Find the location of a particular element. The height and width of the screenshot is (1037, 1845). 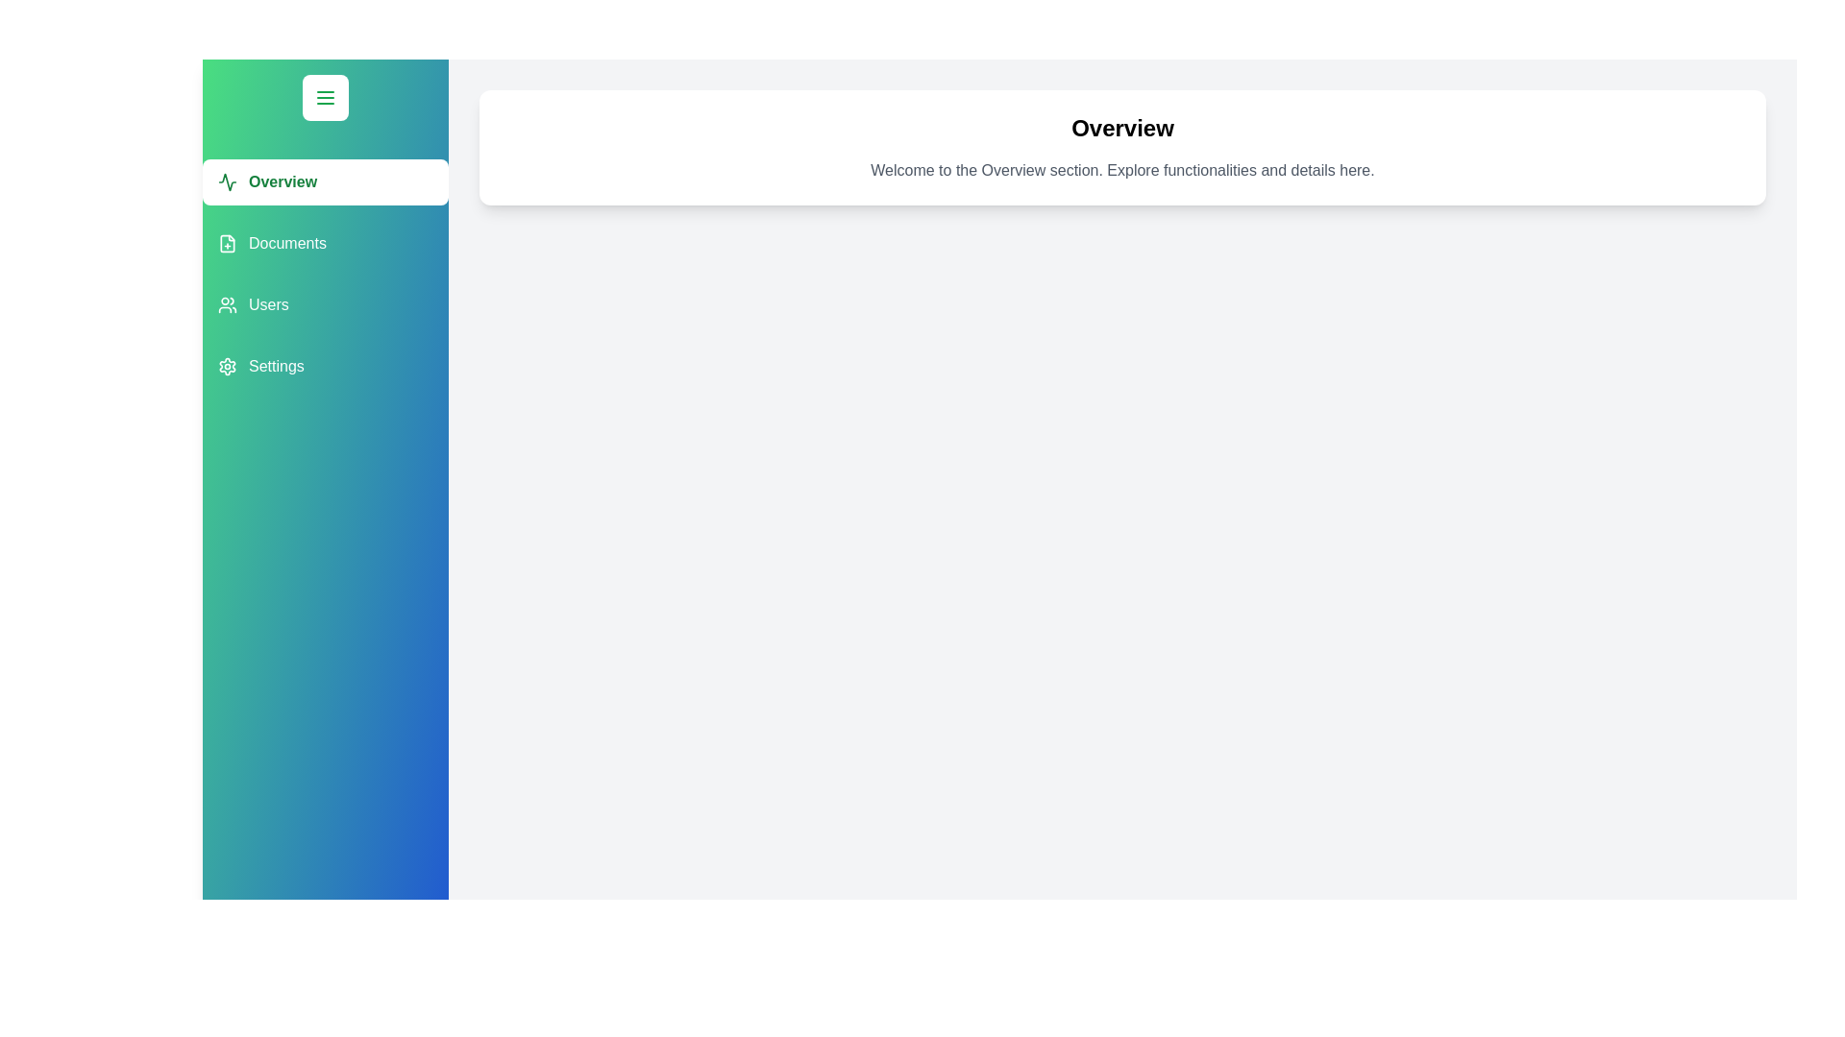

the button labeled Documents is located at coordinates (326, 243).